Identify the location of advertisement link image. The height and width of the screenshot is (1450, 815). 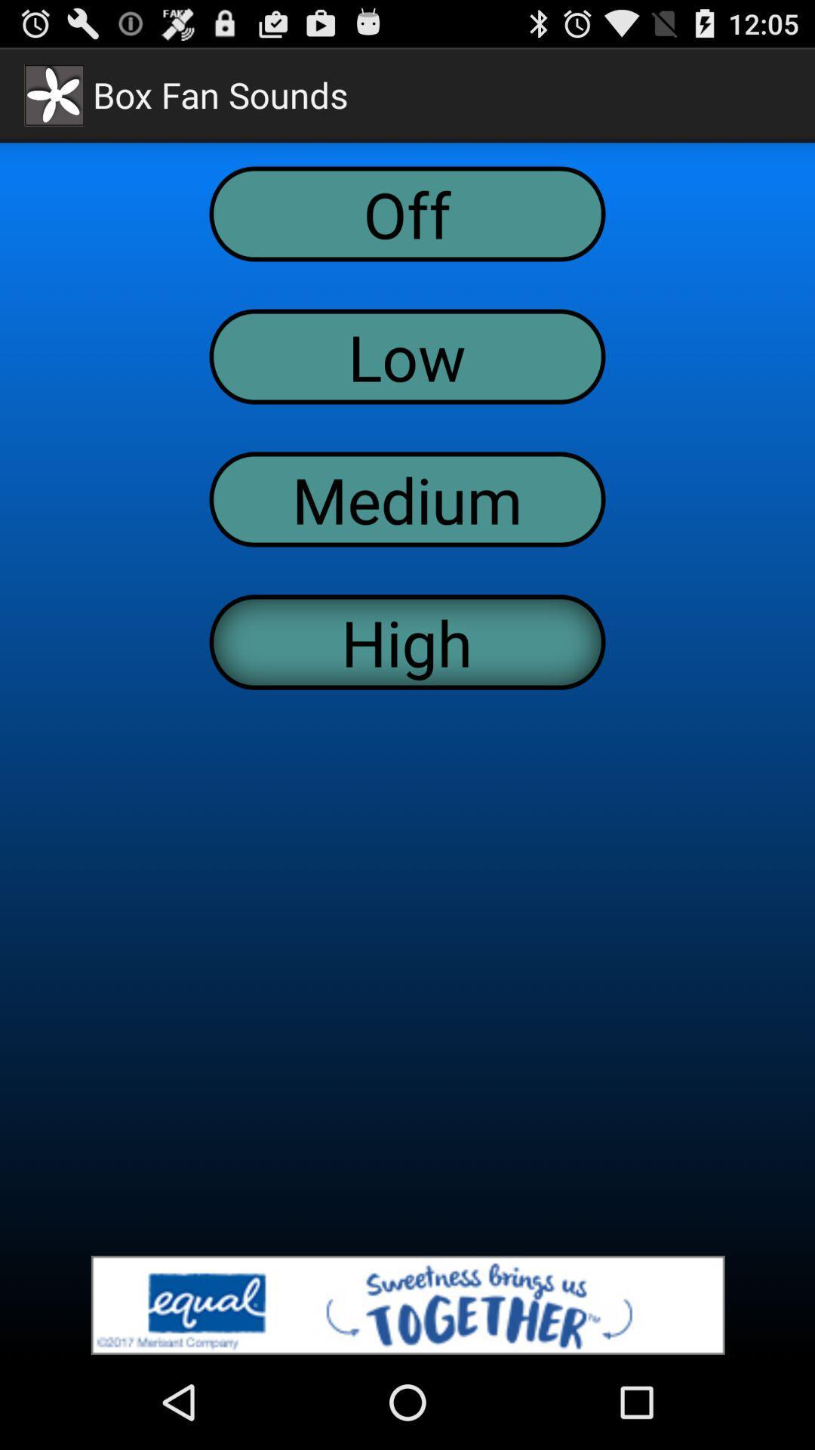
(407, 1304).